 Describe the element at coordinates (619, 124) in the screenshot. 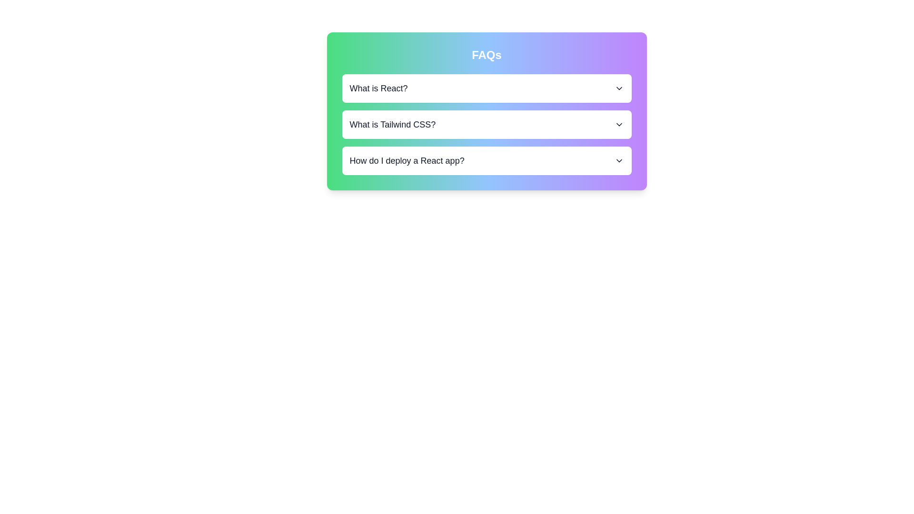

I see `the Downward Chevron Icon located to the right of 'What is Tailwind CSS?'` at that location.